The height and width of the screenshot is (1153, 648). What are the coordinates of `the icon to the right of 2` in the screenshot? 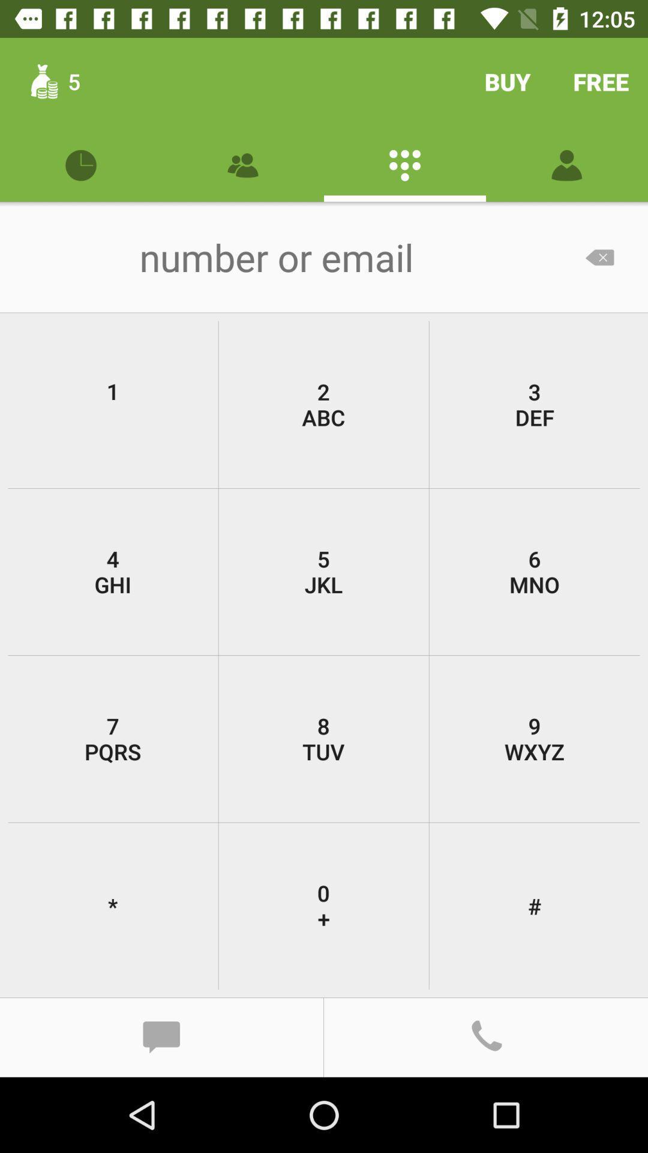 It's located at (534, 571).